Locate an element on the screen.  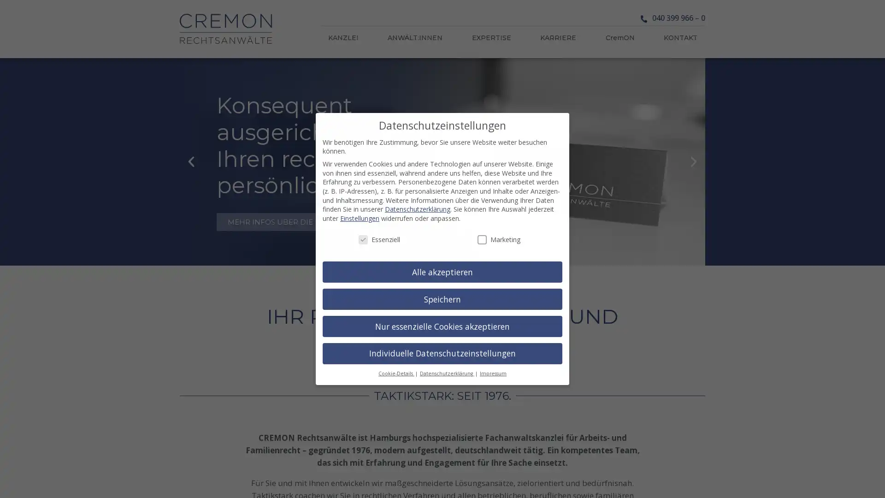
Individuelle Datenschutzeinstellungen is located at coordinates (442, 353).